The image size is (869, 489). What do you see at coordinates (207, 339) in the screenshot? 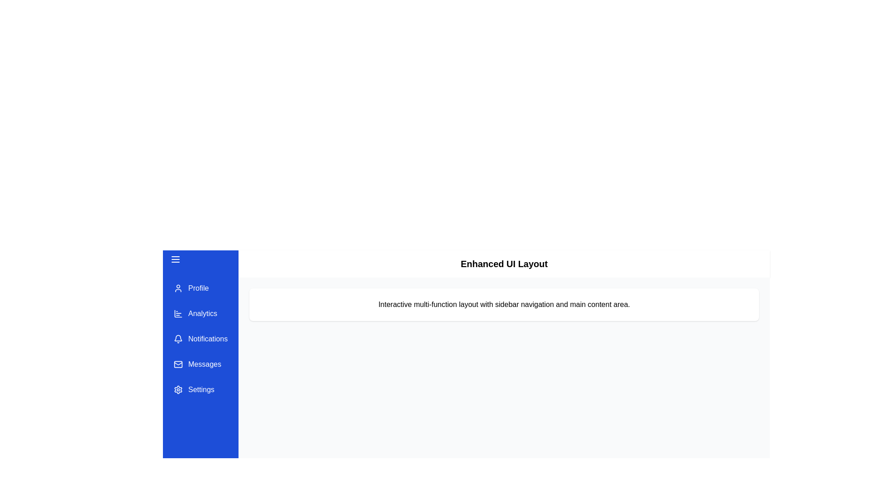
I see `'Notifications' text label located in the vertical side menu on the left, which is the third item from the top` at bounding box center [207, 339].